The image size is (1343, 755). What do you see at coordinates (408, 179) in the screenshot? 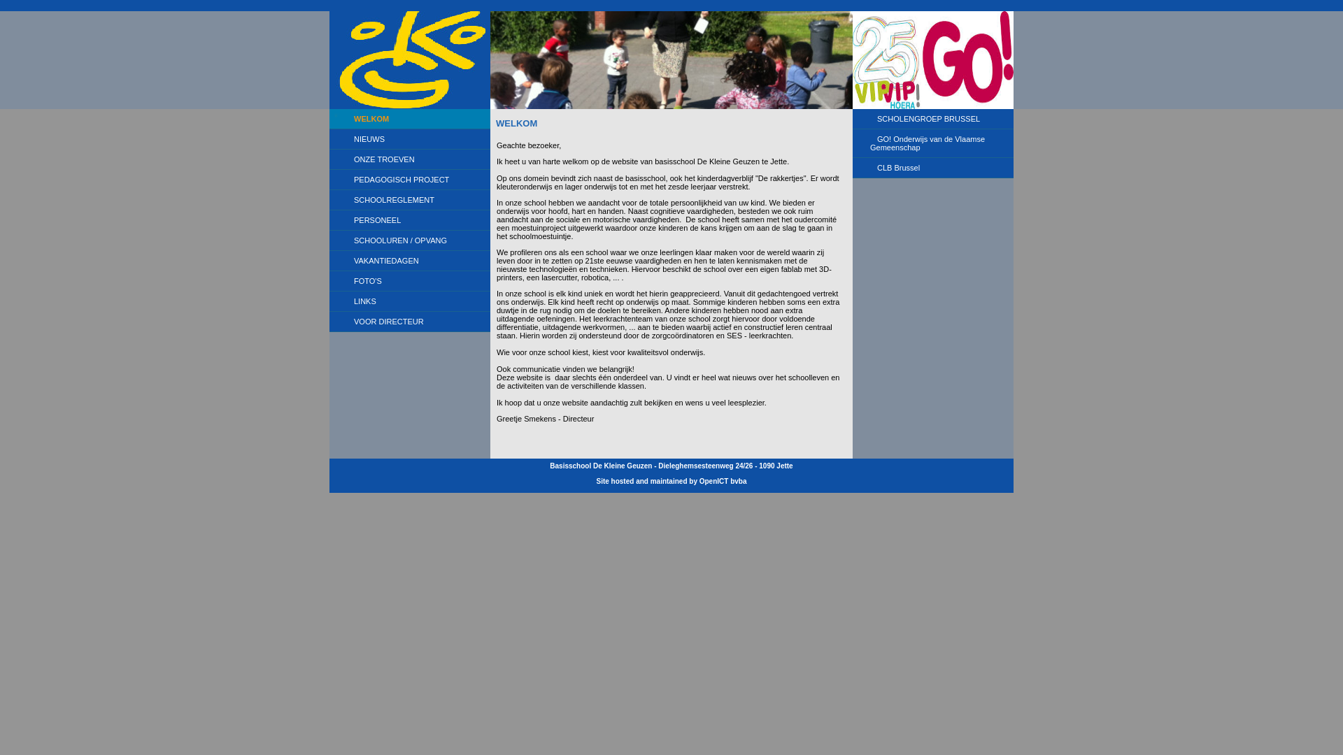
I see `'PEDAGOGISCH PROJECT'` at bounding box center [408, 179].